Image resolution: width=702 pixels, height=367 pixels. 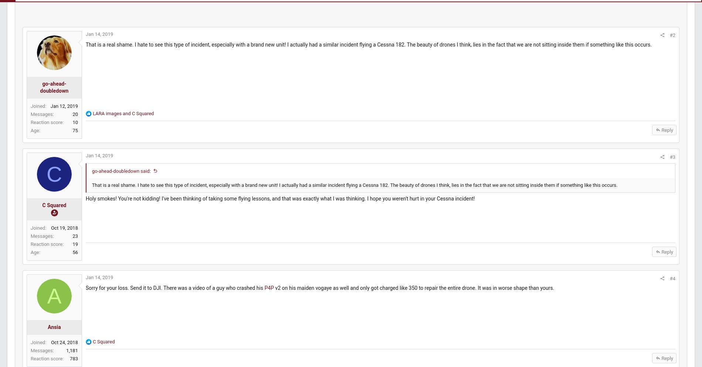 I want to click on '56', so click(x=92, y=259).